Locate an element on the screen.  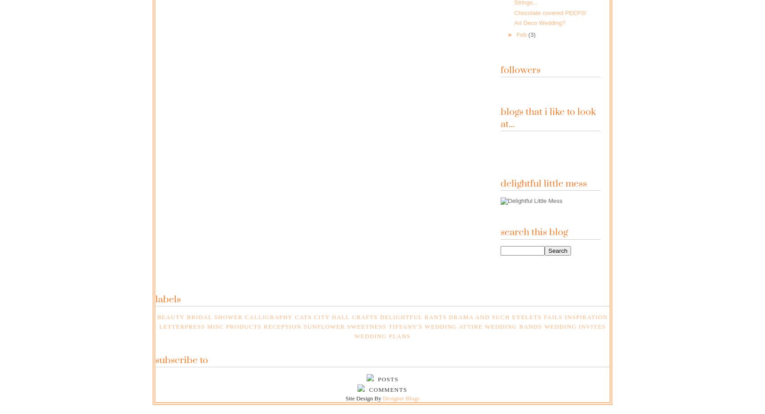
'Labels' is located at coordinates (168, 299).